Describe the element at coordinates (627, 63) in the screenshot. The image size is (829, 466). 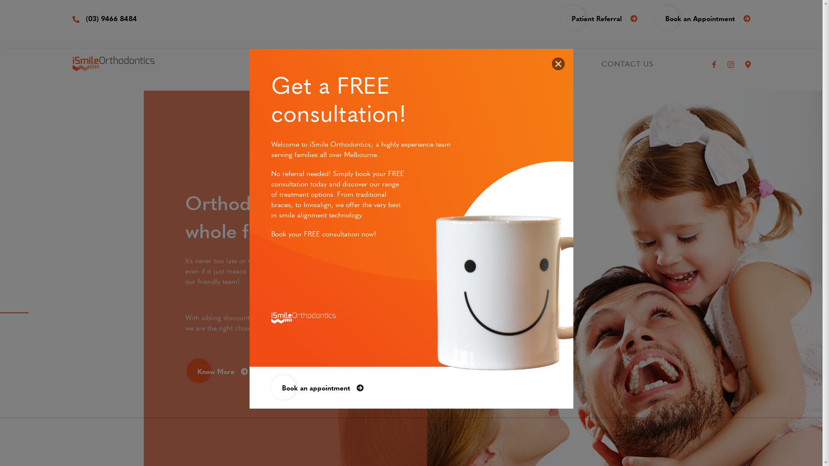
I see `'CONTACT US'` at that location.